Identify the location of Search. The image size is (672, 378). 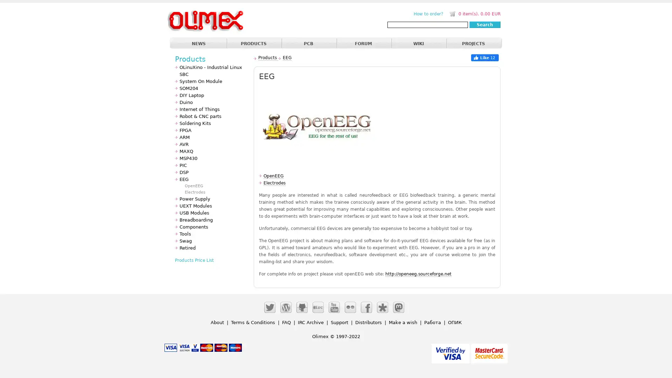
(484, 24).